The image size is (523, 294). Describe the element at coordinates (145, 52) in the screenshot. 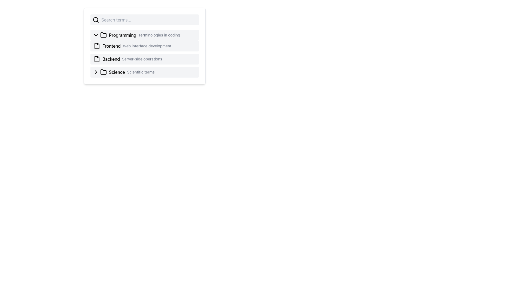

I see `the textual block titled 'Frontend Web interface development' and 'Backend Server-side operations' within the section 'Programming Terminologies in coding'` at that location.